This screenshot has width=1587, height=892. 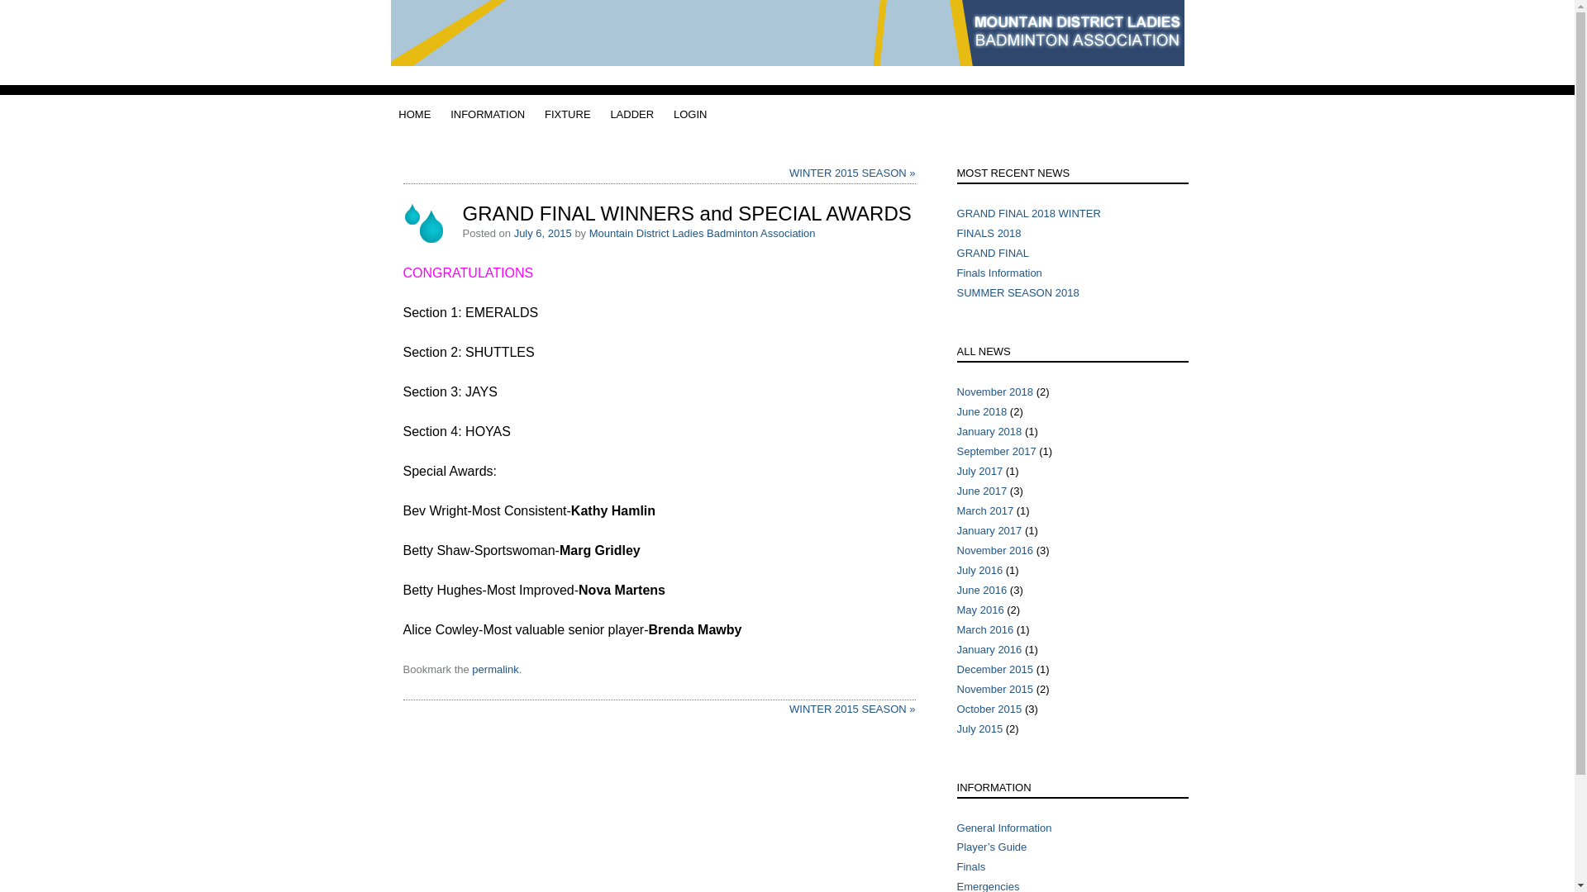 What do you see at coordinates (789, 708) in the screenshot?
I see `'WINTER 2015 SEASON'` at bounding box center [789, 708].